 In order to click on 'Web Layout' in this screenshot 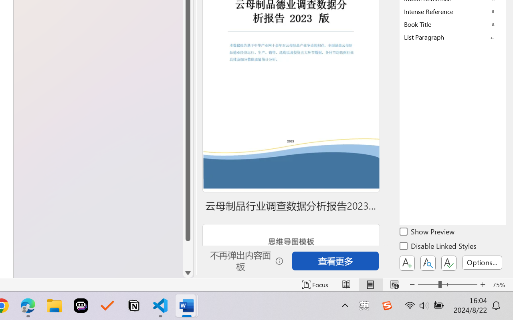, I will do `click(394, 284)`.